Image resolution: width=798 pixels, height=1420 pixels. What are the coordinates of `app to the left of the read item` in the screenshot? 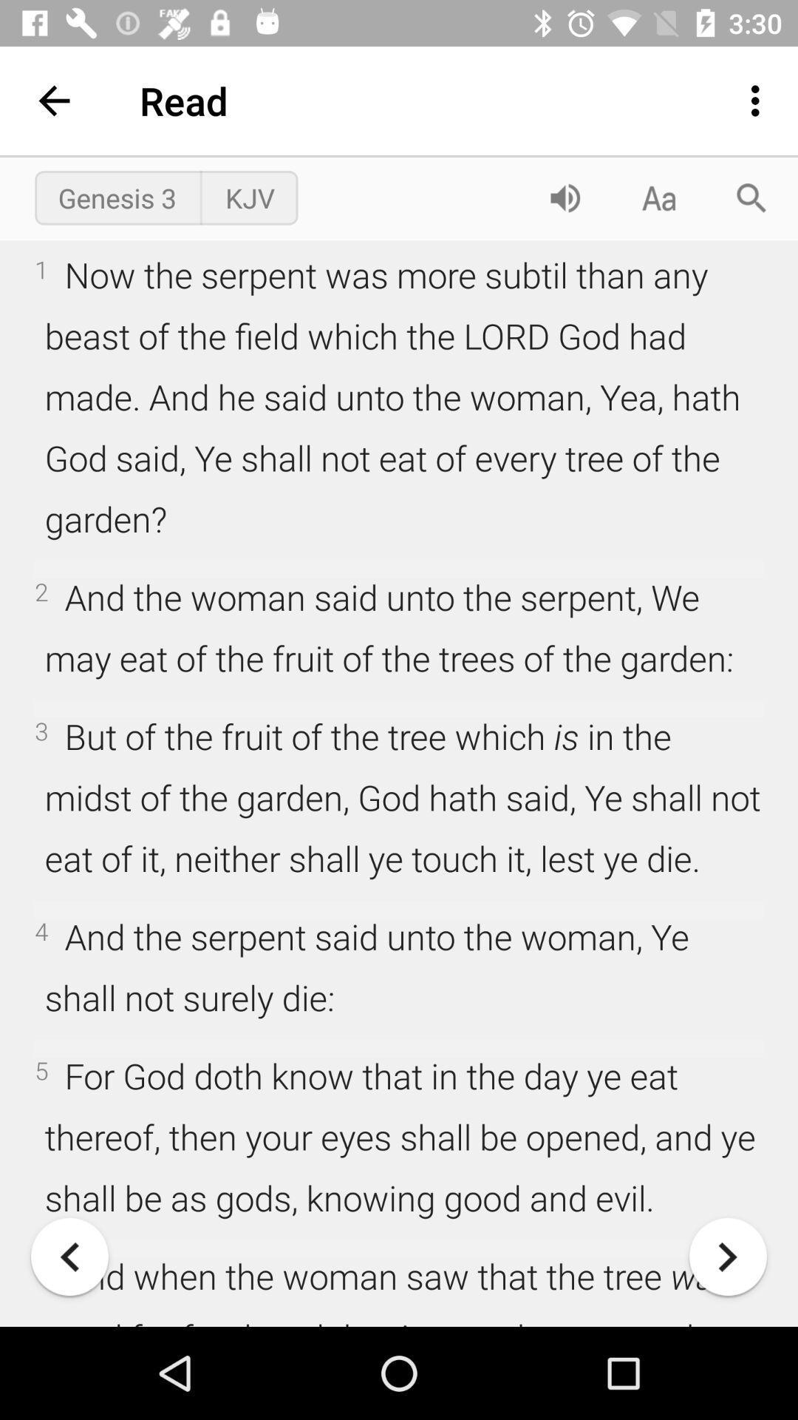 It's located at (53, 100).